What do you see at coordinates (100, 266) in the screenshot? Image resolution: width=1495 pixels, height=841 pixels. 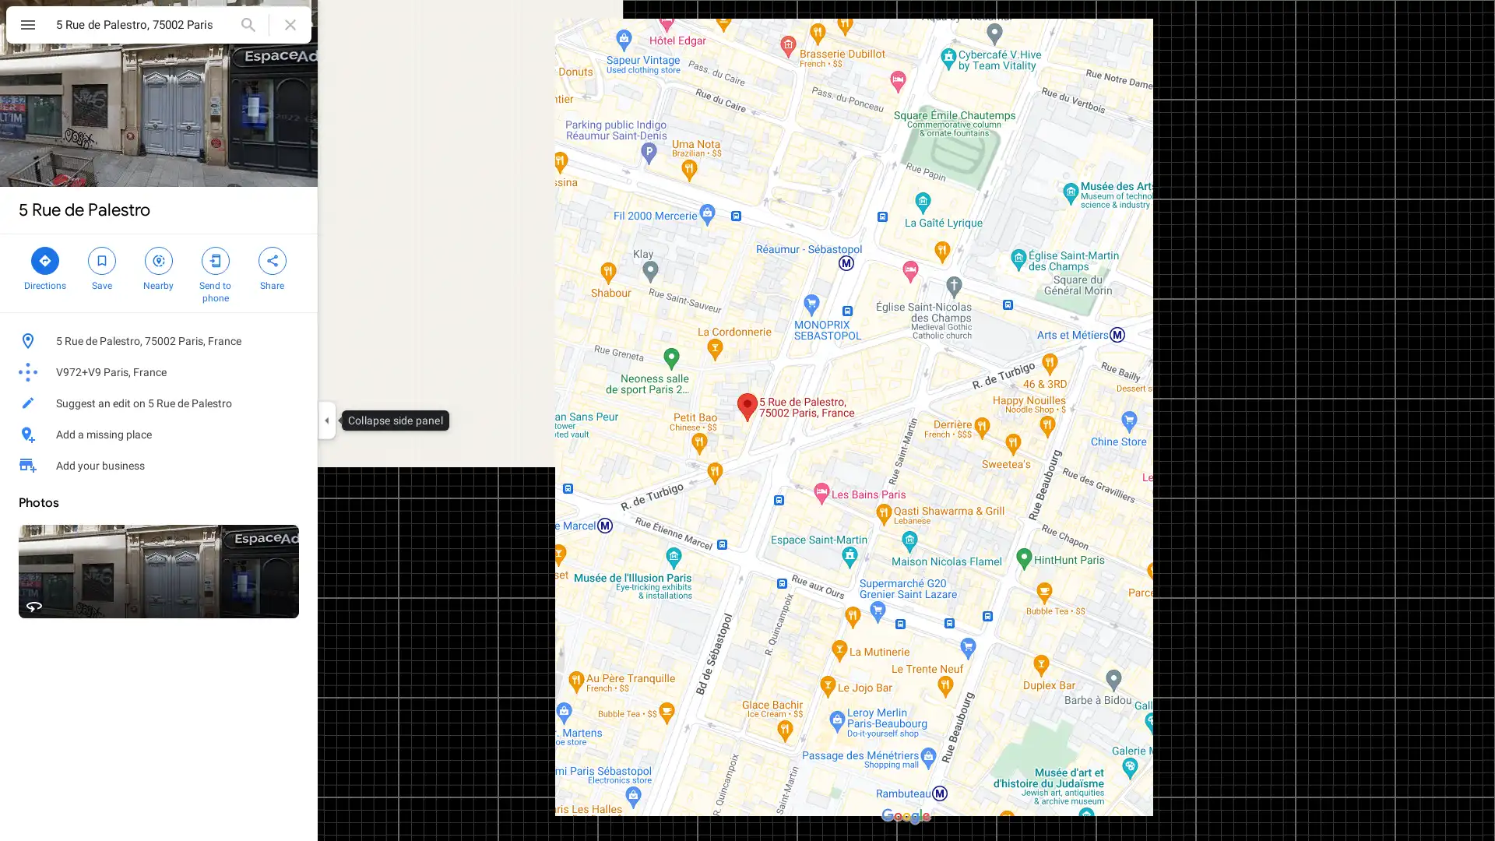 I see `Save 5 Rue de Palestro in your lists` at bounding box center [100, 266].